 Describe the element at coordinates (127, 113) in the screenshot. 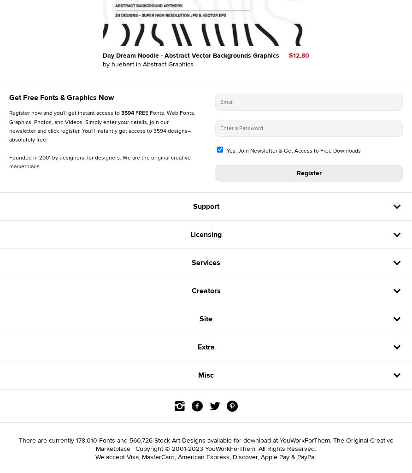

I see `'3594'` at that location.